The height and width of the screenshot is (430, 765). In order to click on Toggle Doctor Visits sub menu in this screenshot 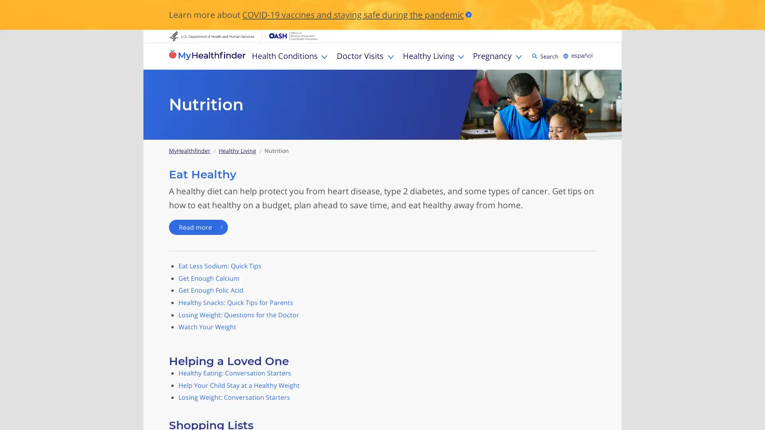, I will do `click(390, 56)`.